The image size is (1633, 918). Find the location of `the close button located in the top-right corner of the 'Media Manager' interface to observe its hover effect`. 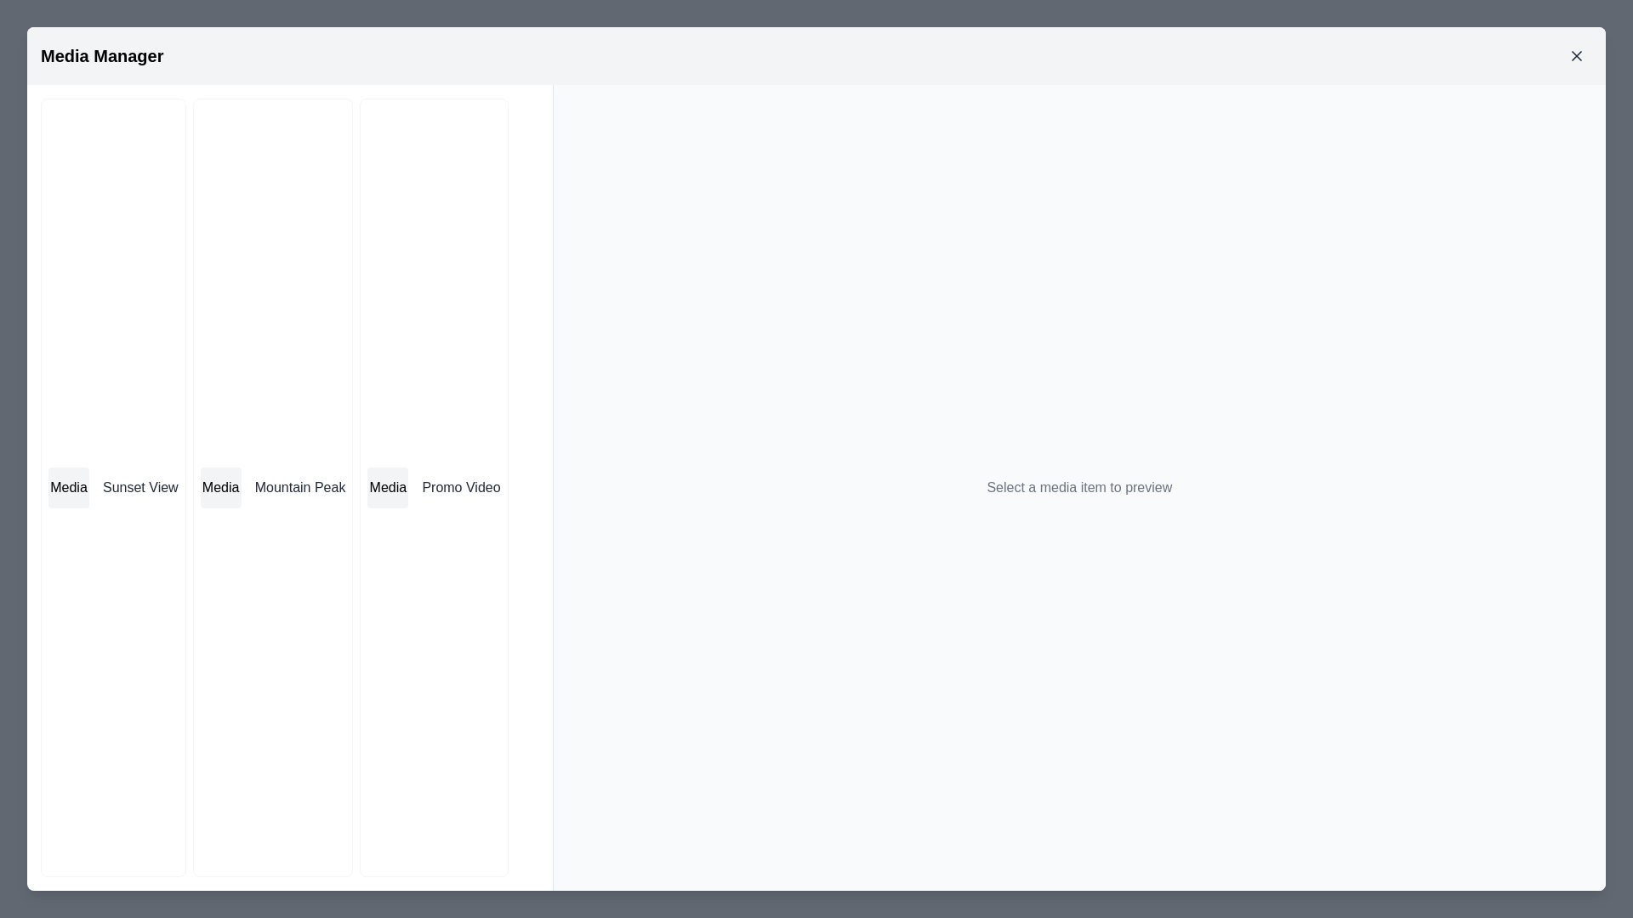

the close button located in the top-right corner of the 'Media Manager' interface to observe its hover effect is located at coordinates (1575, 54).